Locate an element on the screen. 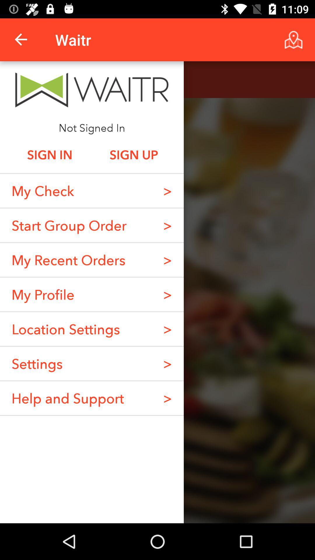 Image resolution: width=315 pixels, height=560 pixels. item next to the waitr is located at coordinates (21, 39).